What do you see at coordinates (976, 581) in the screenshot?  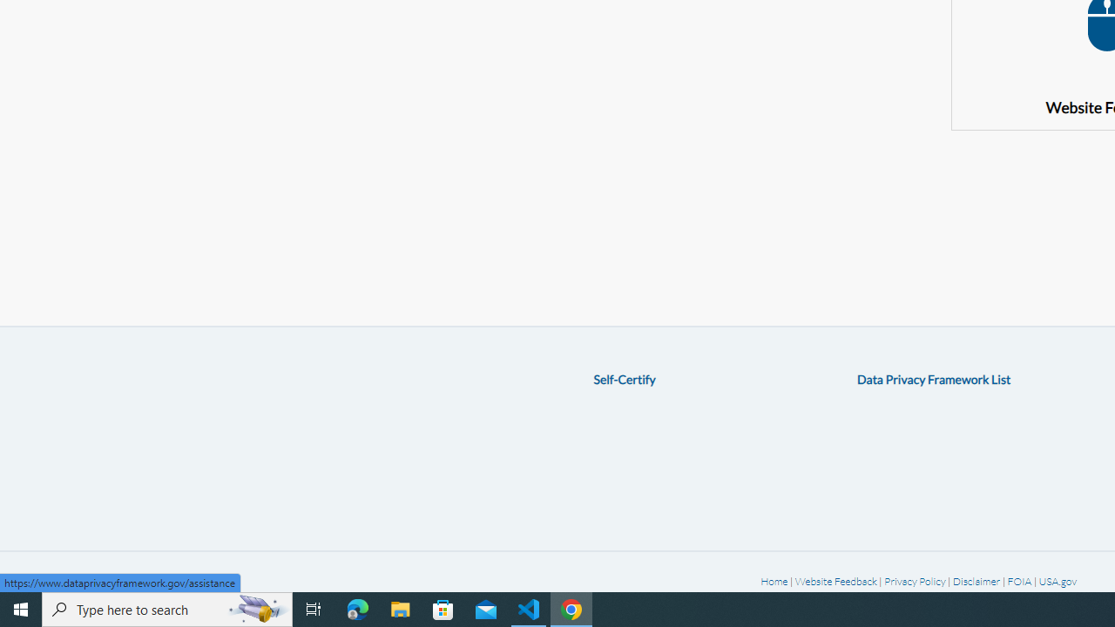 I see `'Disclaimer'` at bounding box center [976, 581].